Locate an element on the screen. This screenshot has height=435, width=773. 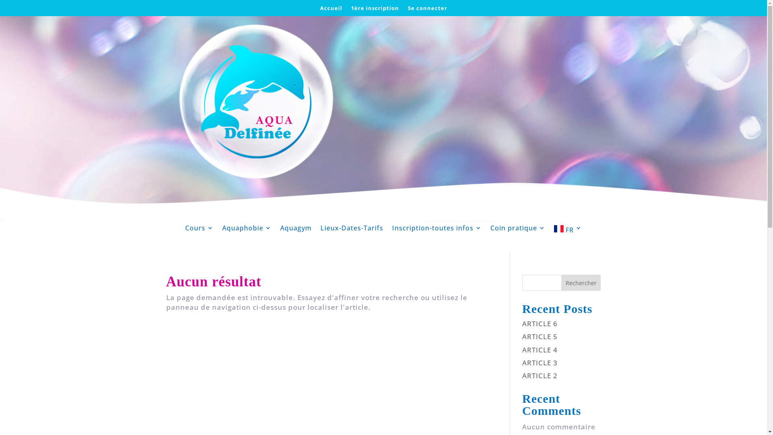
'Accueil' is located at coordinates (331, 9).